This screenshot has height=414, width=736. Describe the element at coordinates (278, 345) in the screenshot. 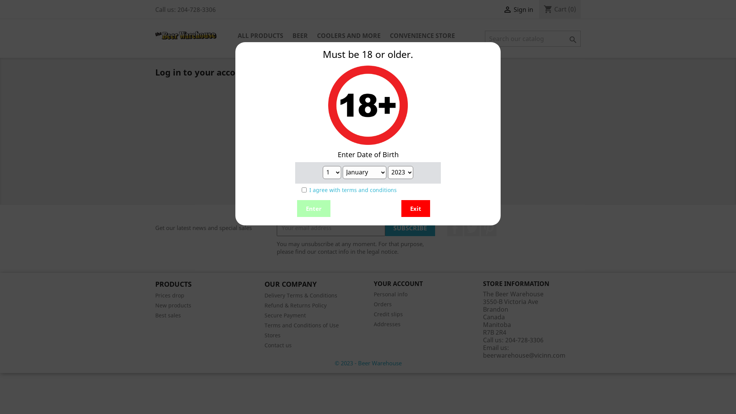

I see `'Contact us'` at that location.